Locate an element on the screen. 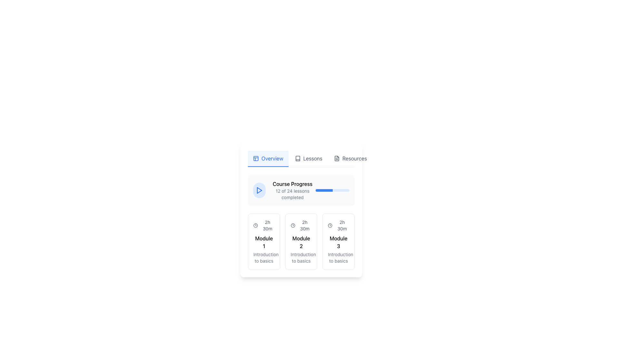  the Text label that provides additional details or a subtitle for the module in the second card of the horizontal stack is located at coordinates (301, 257).